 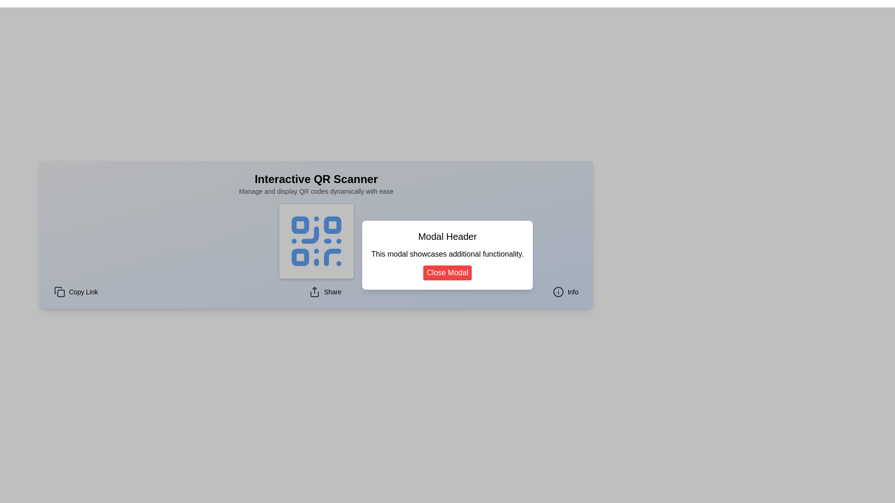 I want to click on the sharing button, which is the second interactive button positioned centrally between the 'Copy Link' button and the 'Info' button, to change its icon color, so click(x=325, y=292).